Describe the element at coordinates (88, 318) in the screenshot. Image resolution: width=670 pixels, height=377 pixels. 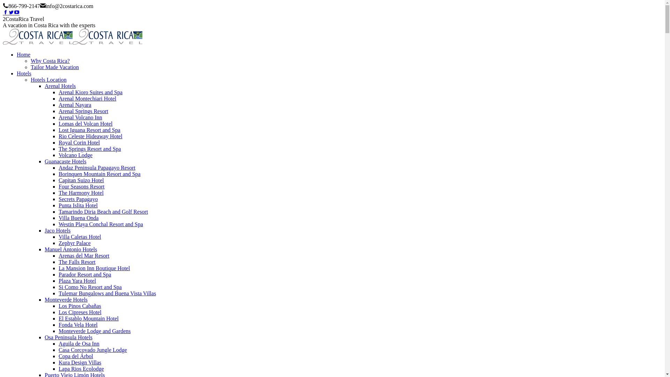
I see `'El Establo Mountain Hotel'` at that location.